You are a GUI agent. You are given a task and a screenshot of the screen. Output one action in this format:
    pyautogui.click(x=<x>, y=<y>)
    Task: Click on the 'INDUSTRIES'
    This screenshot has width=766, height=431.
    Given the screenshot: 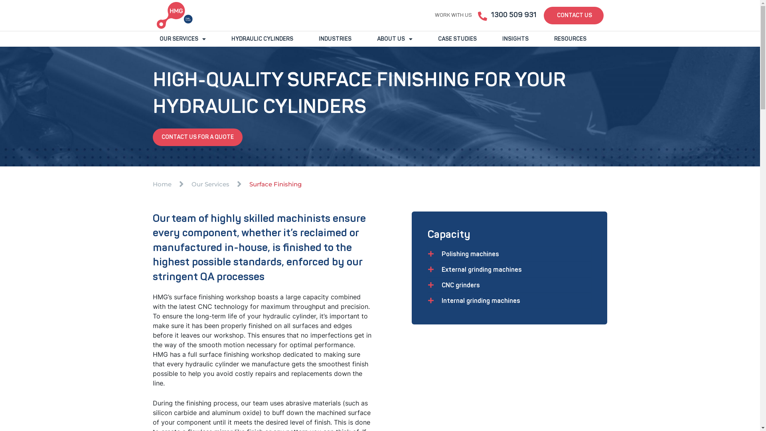 What is the action you would take?
    pyautogui.click(x=335, y=39)
    